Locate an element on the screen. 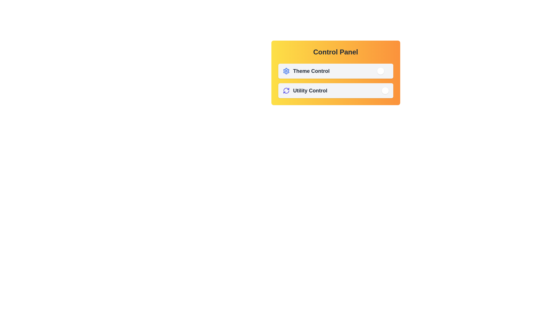  the green and white toggle switch located in the 'Utility Control' section of the 'Control Panel' is located at coordinates (383, 91).